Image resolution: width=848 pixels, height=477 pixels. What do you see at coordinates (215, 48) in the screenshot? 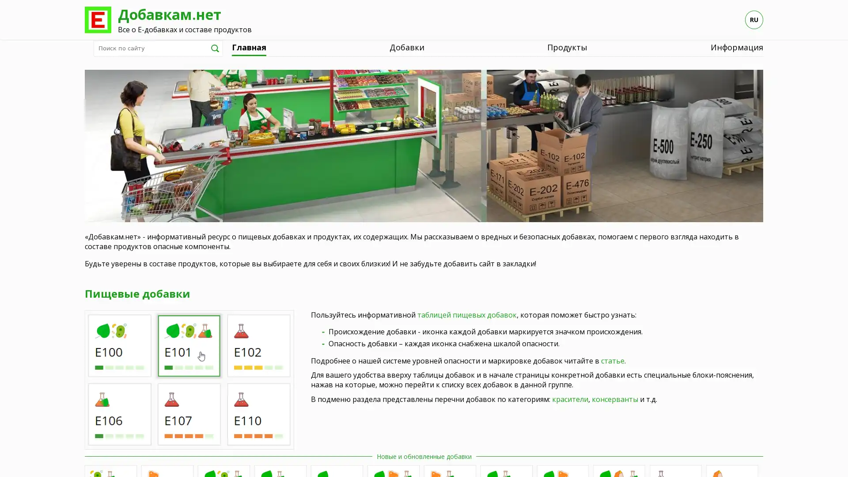
I see `Apply` at bounding box center [215, 48].